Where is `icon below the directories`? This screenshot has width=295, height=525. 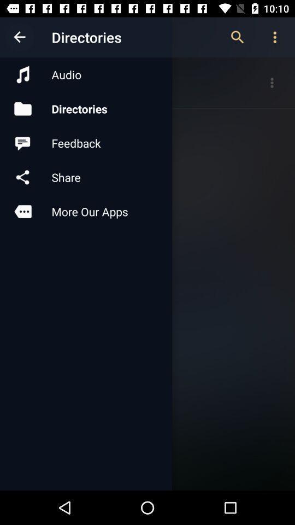
icon below the directories is located at coordinates (85, 142).